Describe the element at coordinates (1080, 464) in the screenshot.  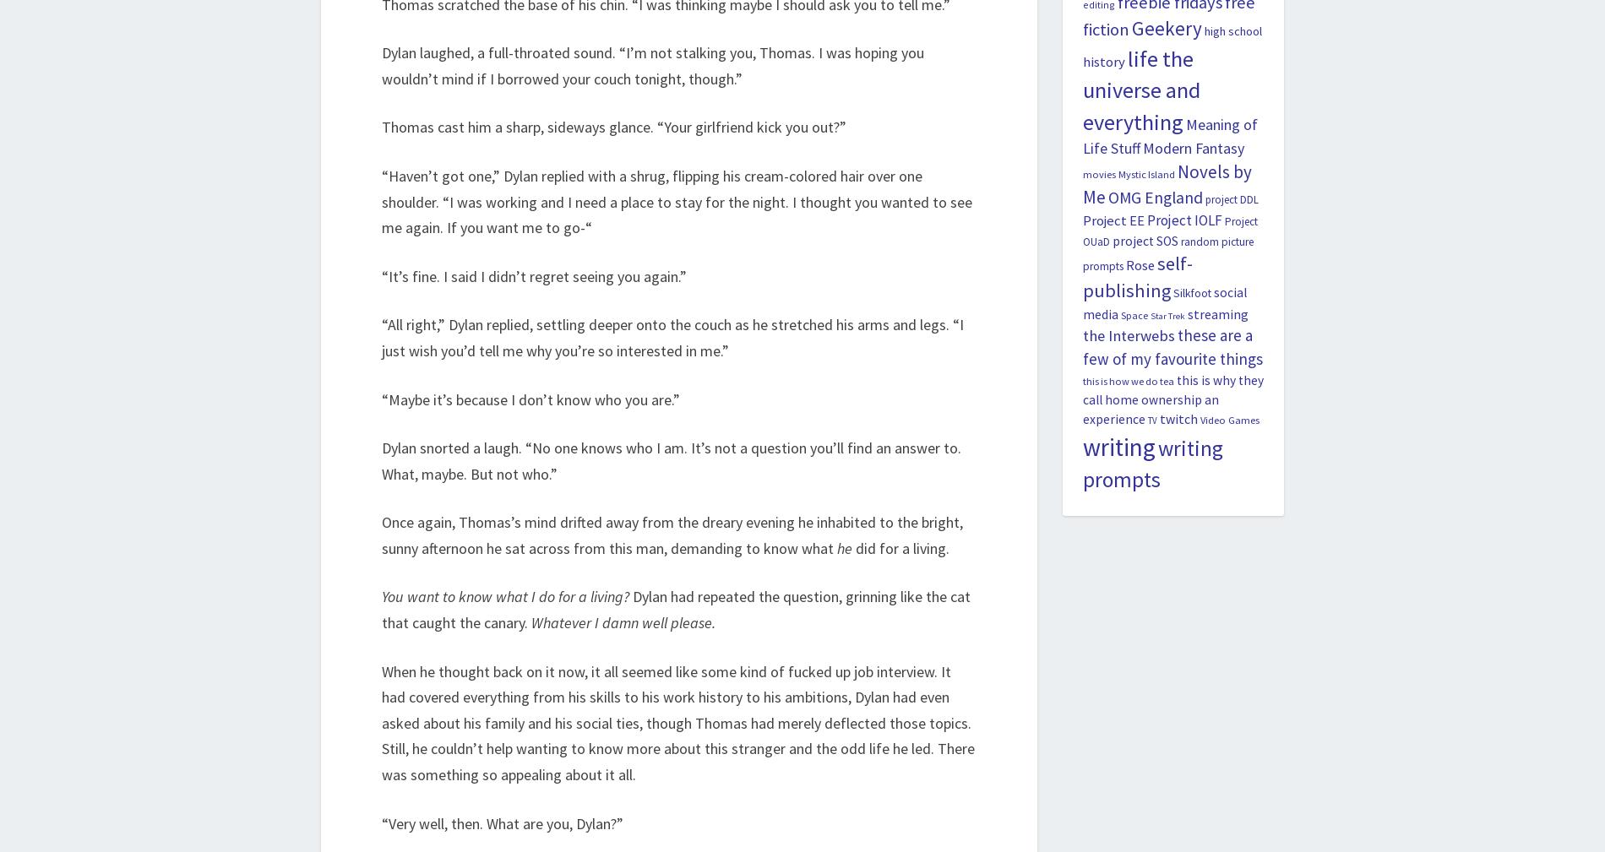
I see `'writing prompts'` at that location.